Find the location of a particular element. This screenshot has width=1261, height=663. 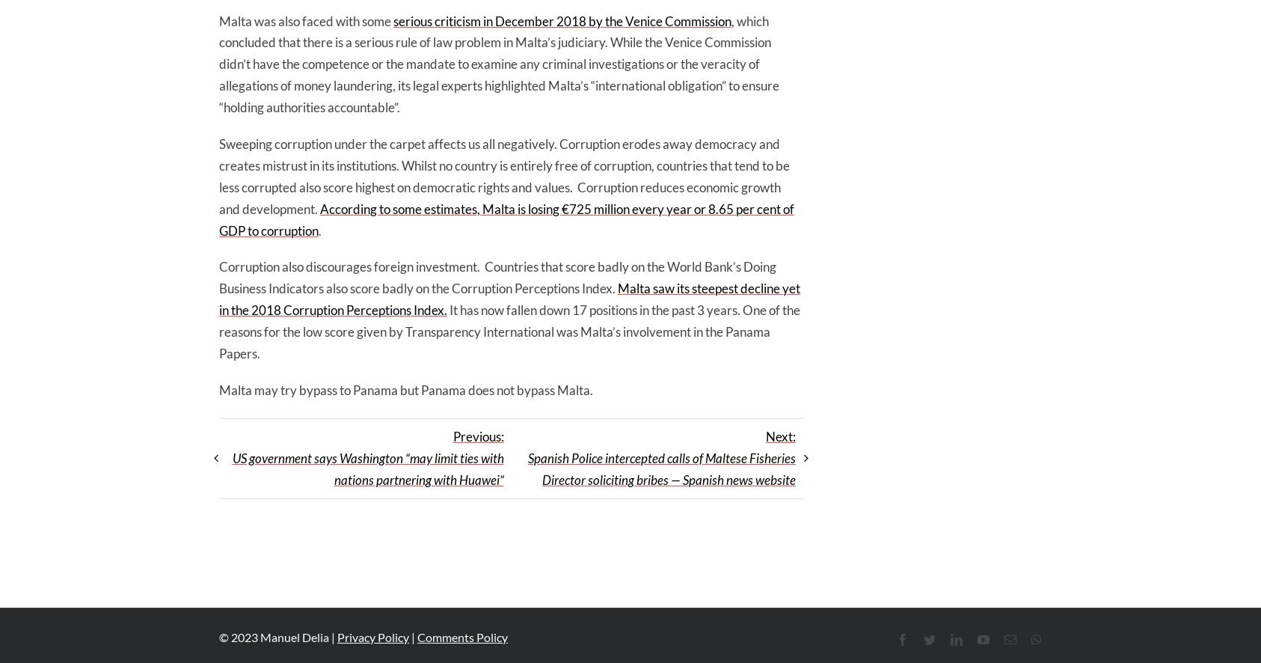

'2023' is located at coordinates (230, 635).